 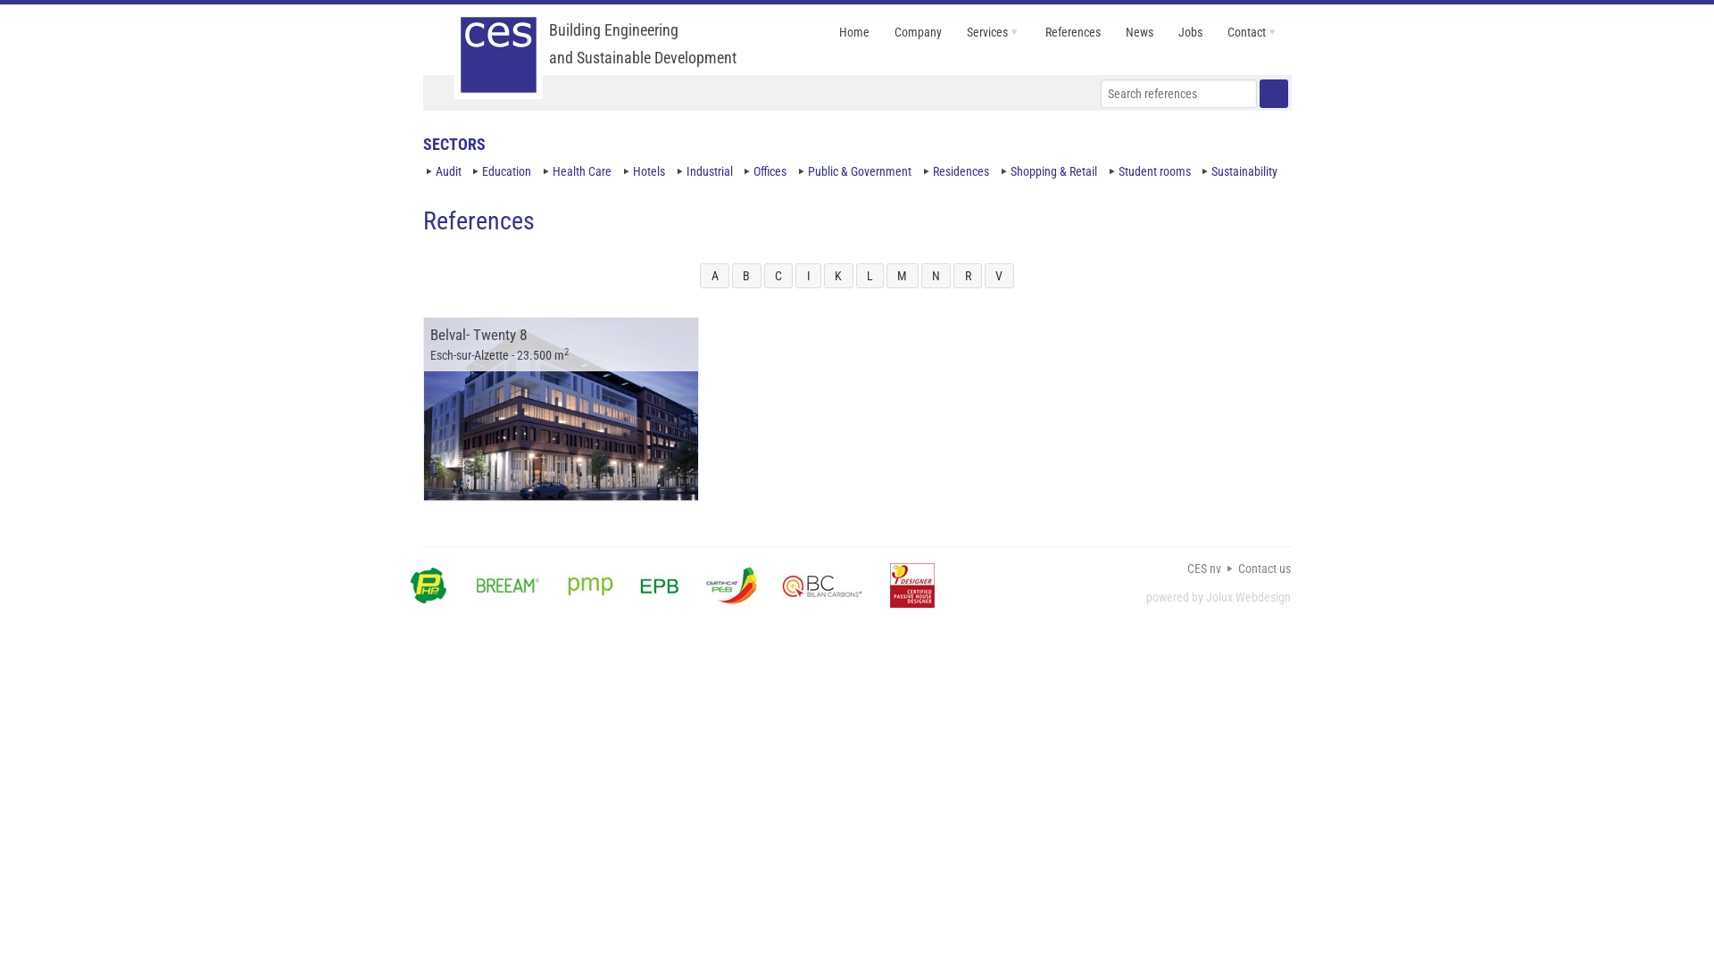 What do you see at coordinates (860, 171) in the screenshot?
I see `'Public & Government'` at bounding box center [860, 171].